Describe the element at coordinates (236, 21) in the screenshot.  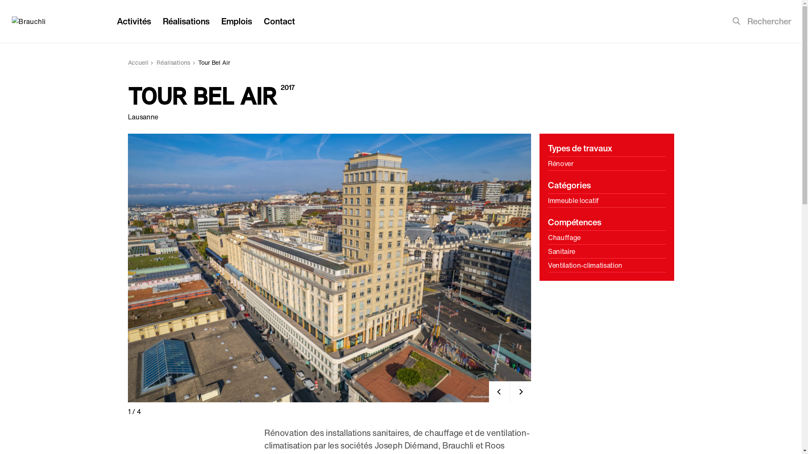
I see `'Emplois'` at that location.